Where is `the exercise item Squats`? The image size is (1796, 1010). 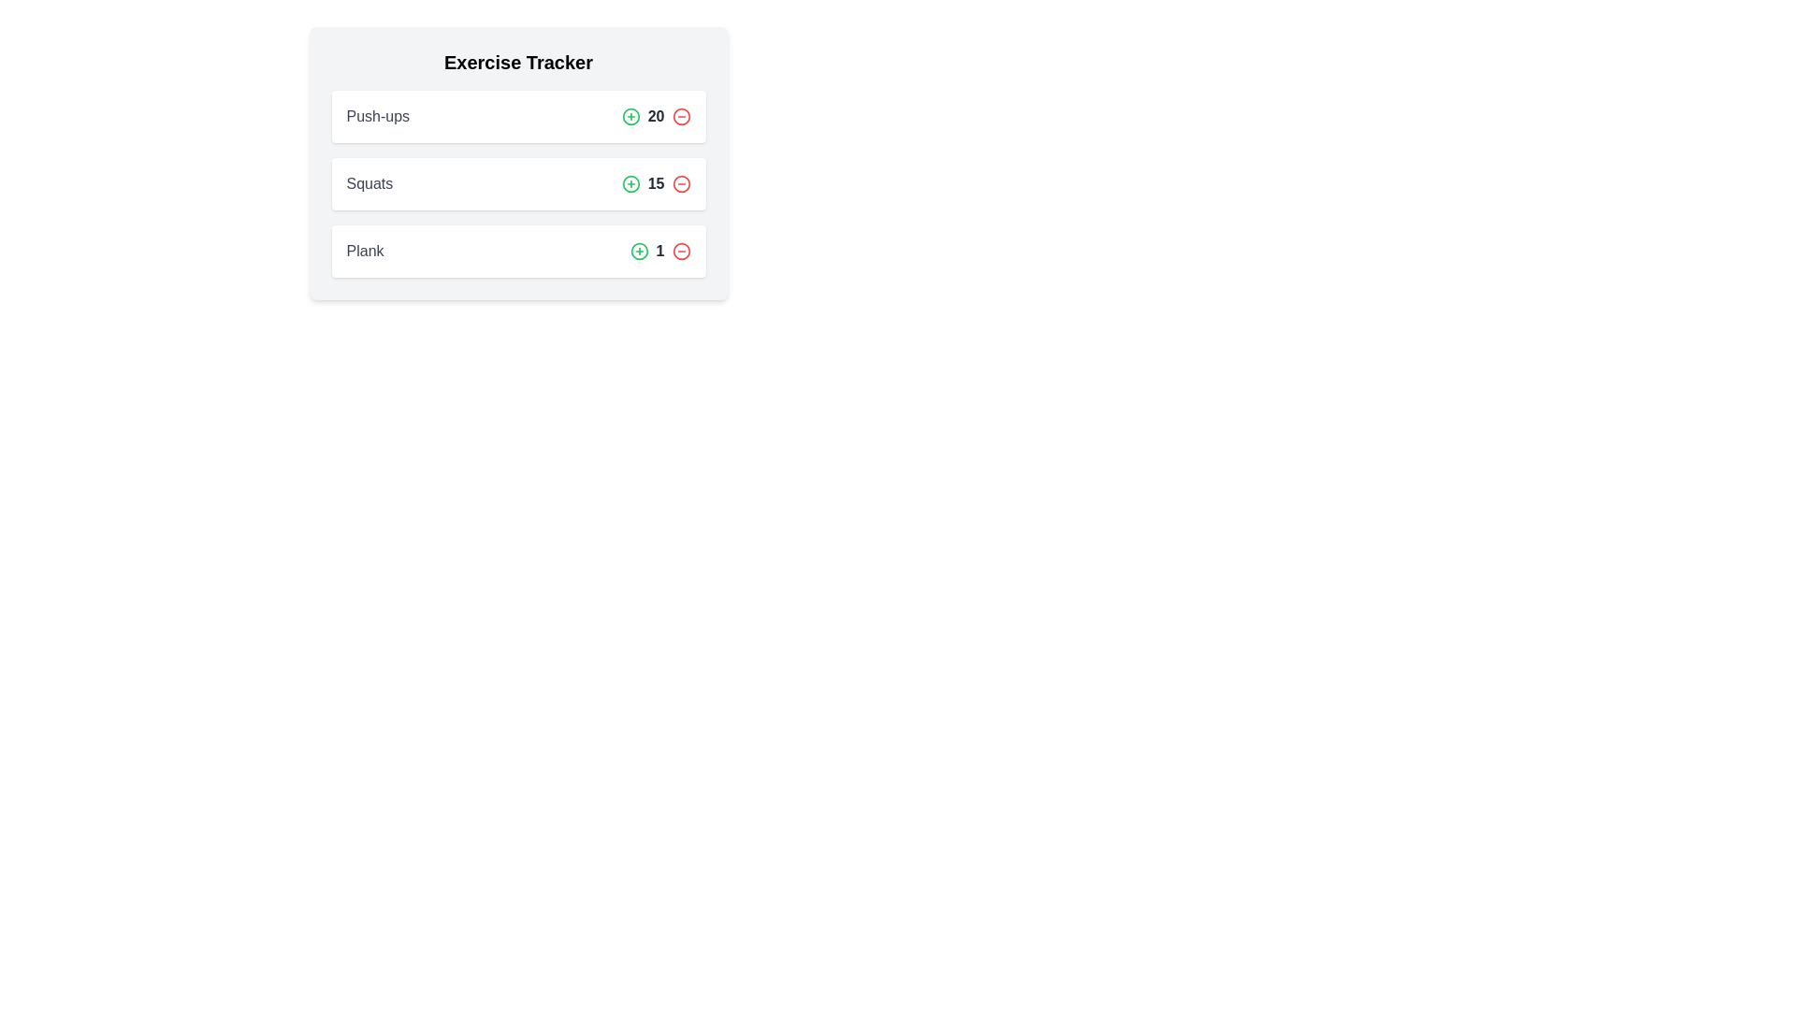 the exercise item Squats is located at coordinates (518, 183).